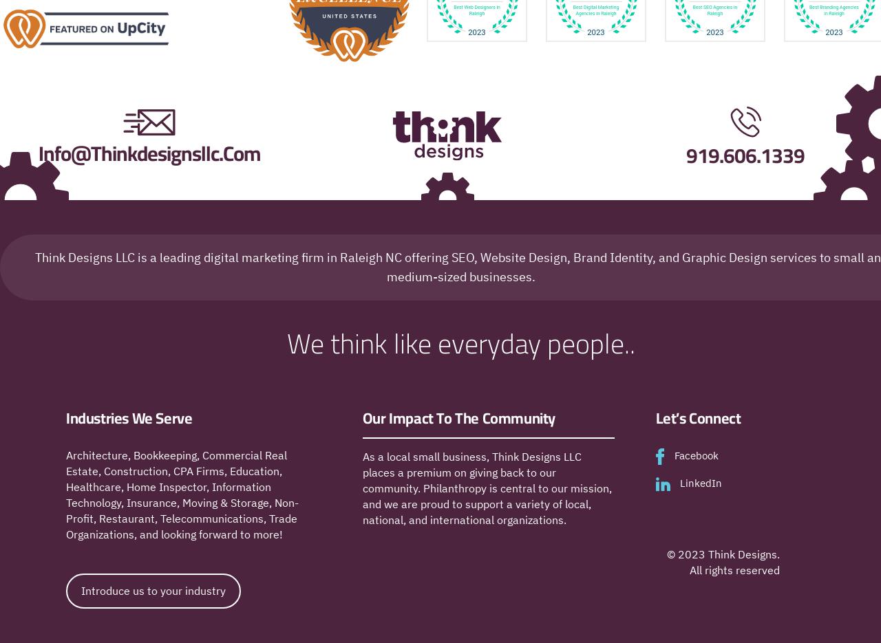  Describe the element at coordinates (129, 417) in the screenshot. I see `'Industries we serve'` at that location.